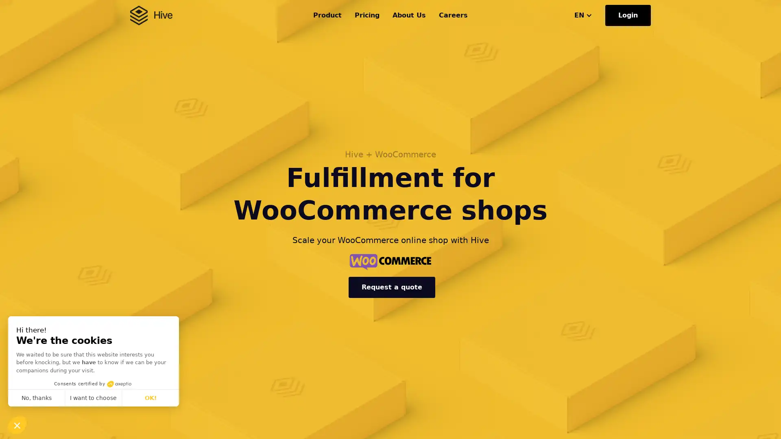  I want to click on No, thanks, so click(36, 398).